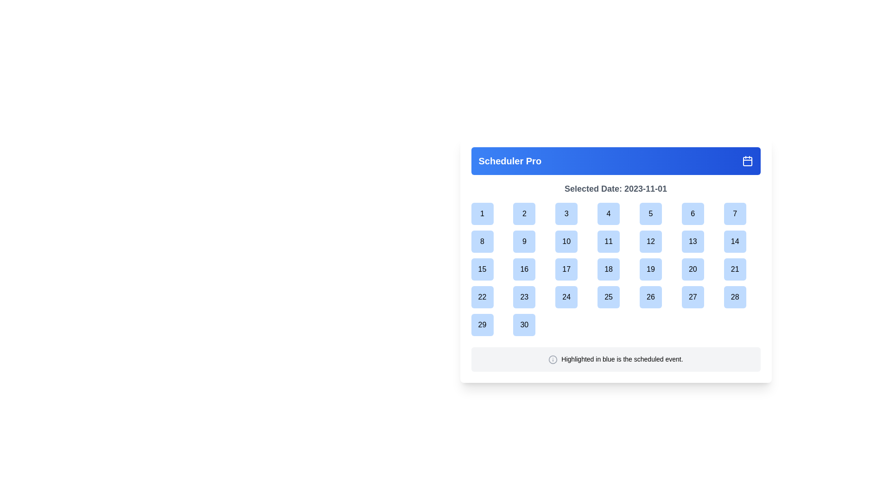 This screenshot has width=890, height=500. What do you see at coordinates (616, 214) in the screenshot?
I see `the blue button representing day '4' in the monthly calendar view` at bounding box center [616, 214].